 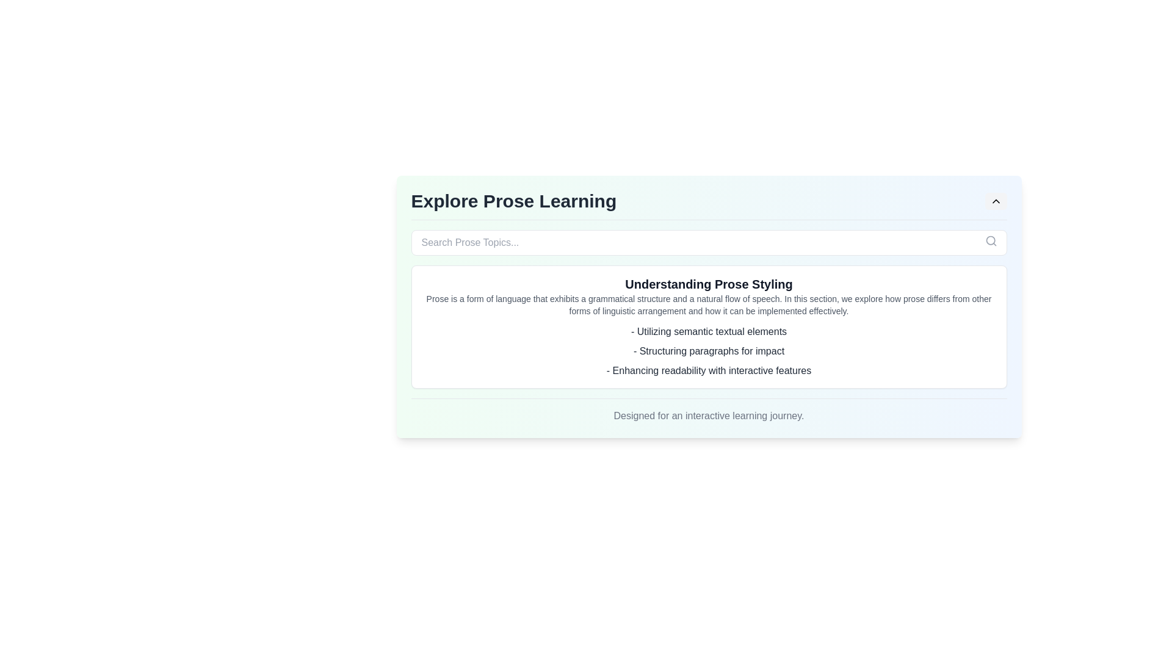 I want to click on the second item in the vertical list under the heading 'Understanding Prose Styling', which conveys a specific idea related to prose structuring, so click(x=709, y=351).